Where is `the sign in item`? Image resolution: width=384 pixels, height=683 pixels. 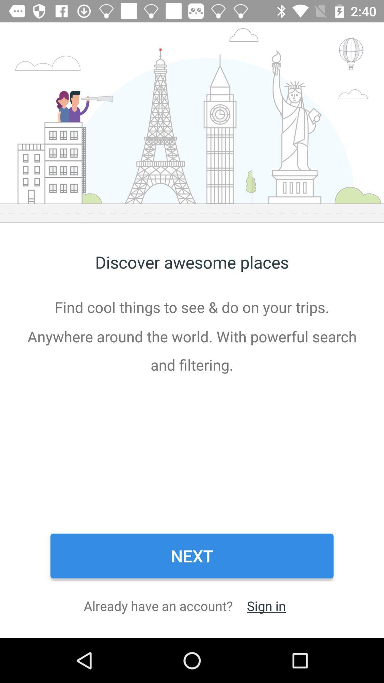 the sign in item is located at coordinates (266, 605).